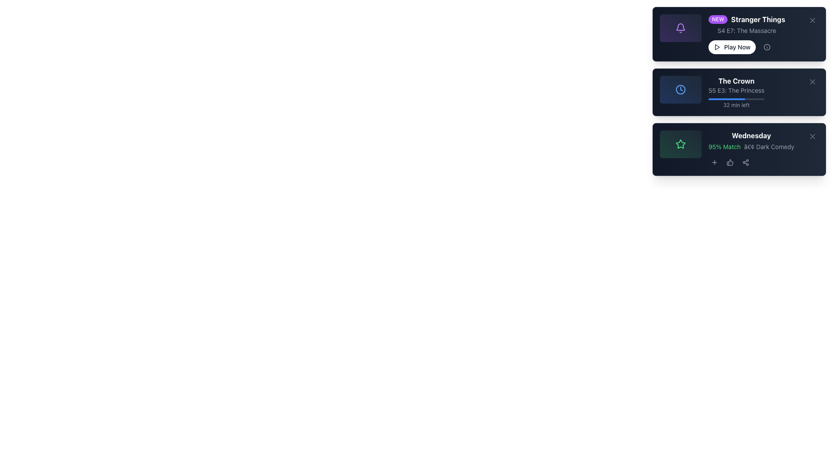 Image resolution: width=833 pixels, height=468 pixels. I want to click on the small plus sign icon button located in the bottom row of the vertical list, adjacent to the 'Wednesday' label, so click(714, 162).